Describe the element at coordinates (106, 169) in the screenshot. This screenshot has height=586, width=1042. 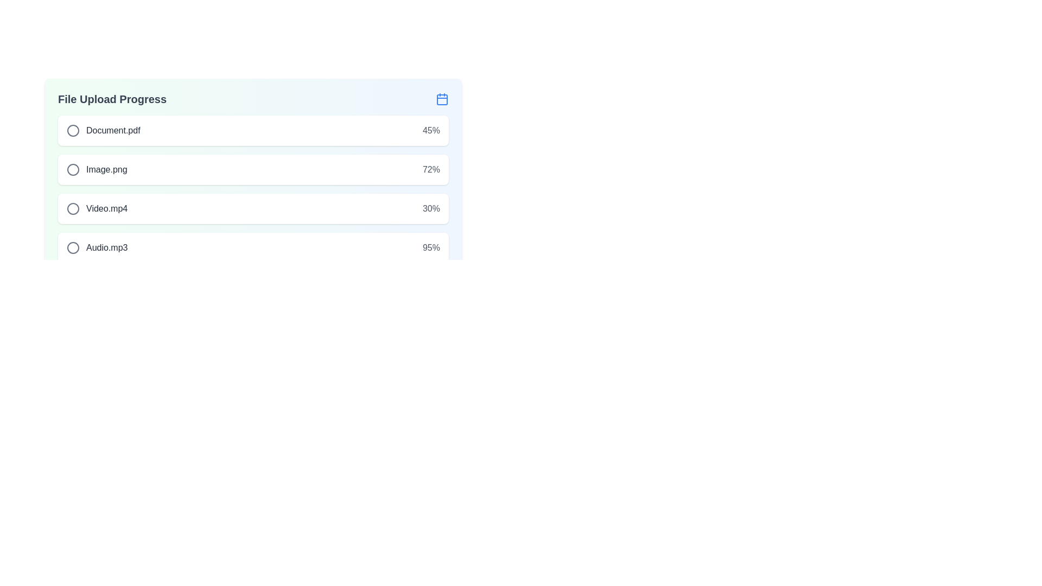
I see `the text label that identifies the file being uploaded, located in the second row of the upload progress list, to the immediate right of an unselected circular radio button` at that location.